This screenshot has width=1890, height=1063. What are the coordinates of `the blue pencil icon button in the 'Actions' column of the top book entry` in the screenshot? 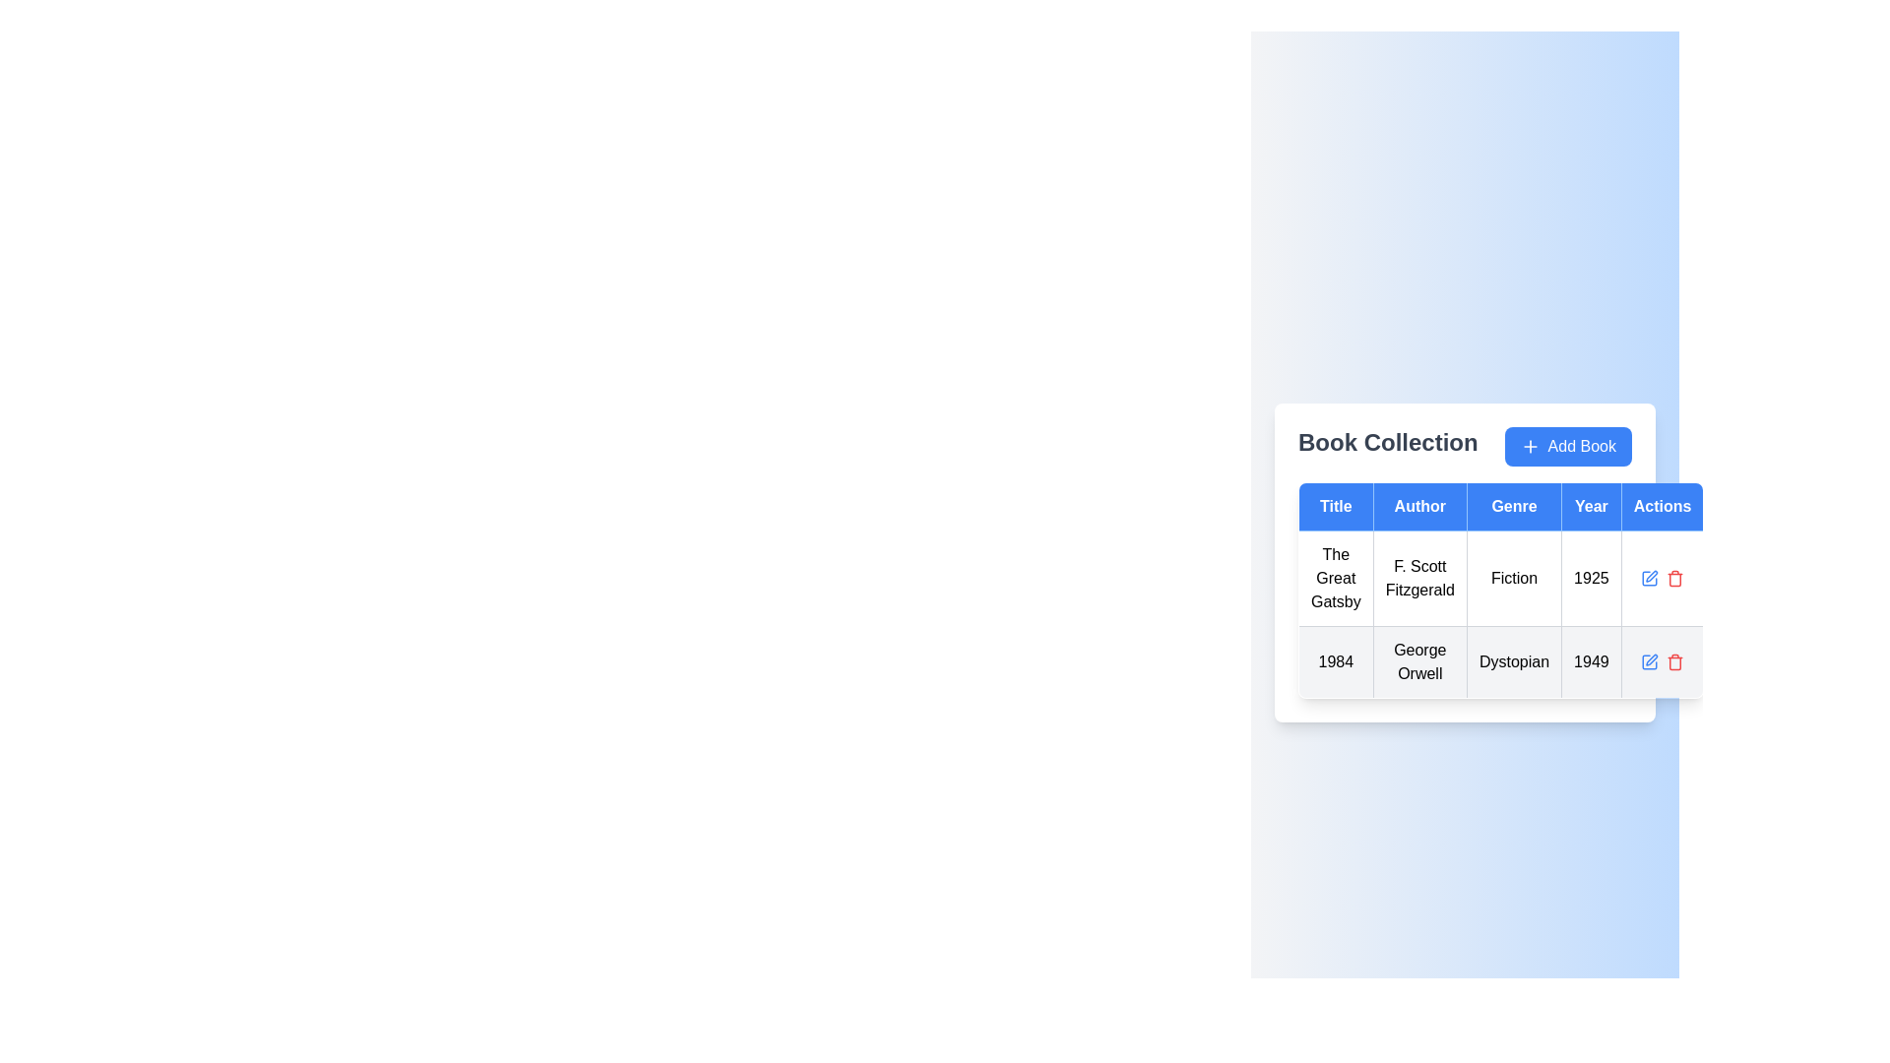 It's located at (1649, 577).